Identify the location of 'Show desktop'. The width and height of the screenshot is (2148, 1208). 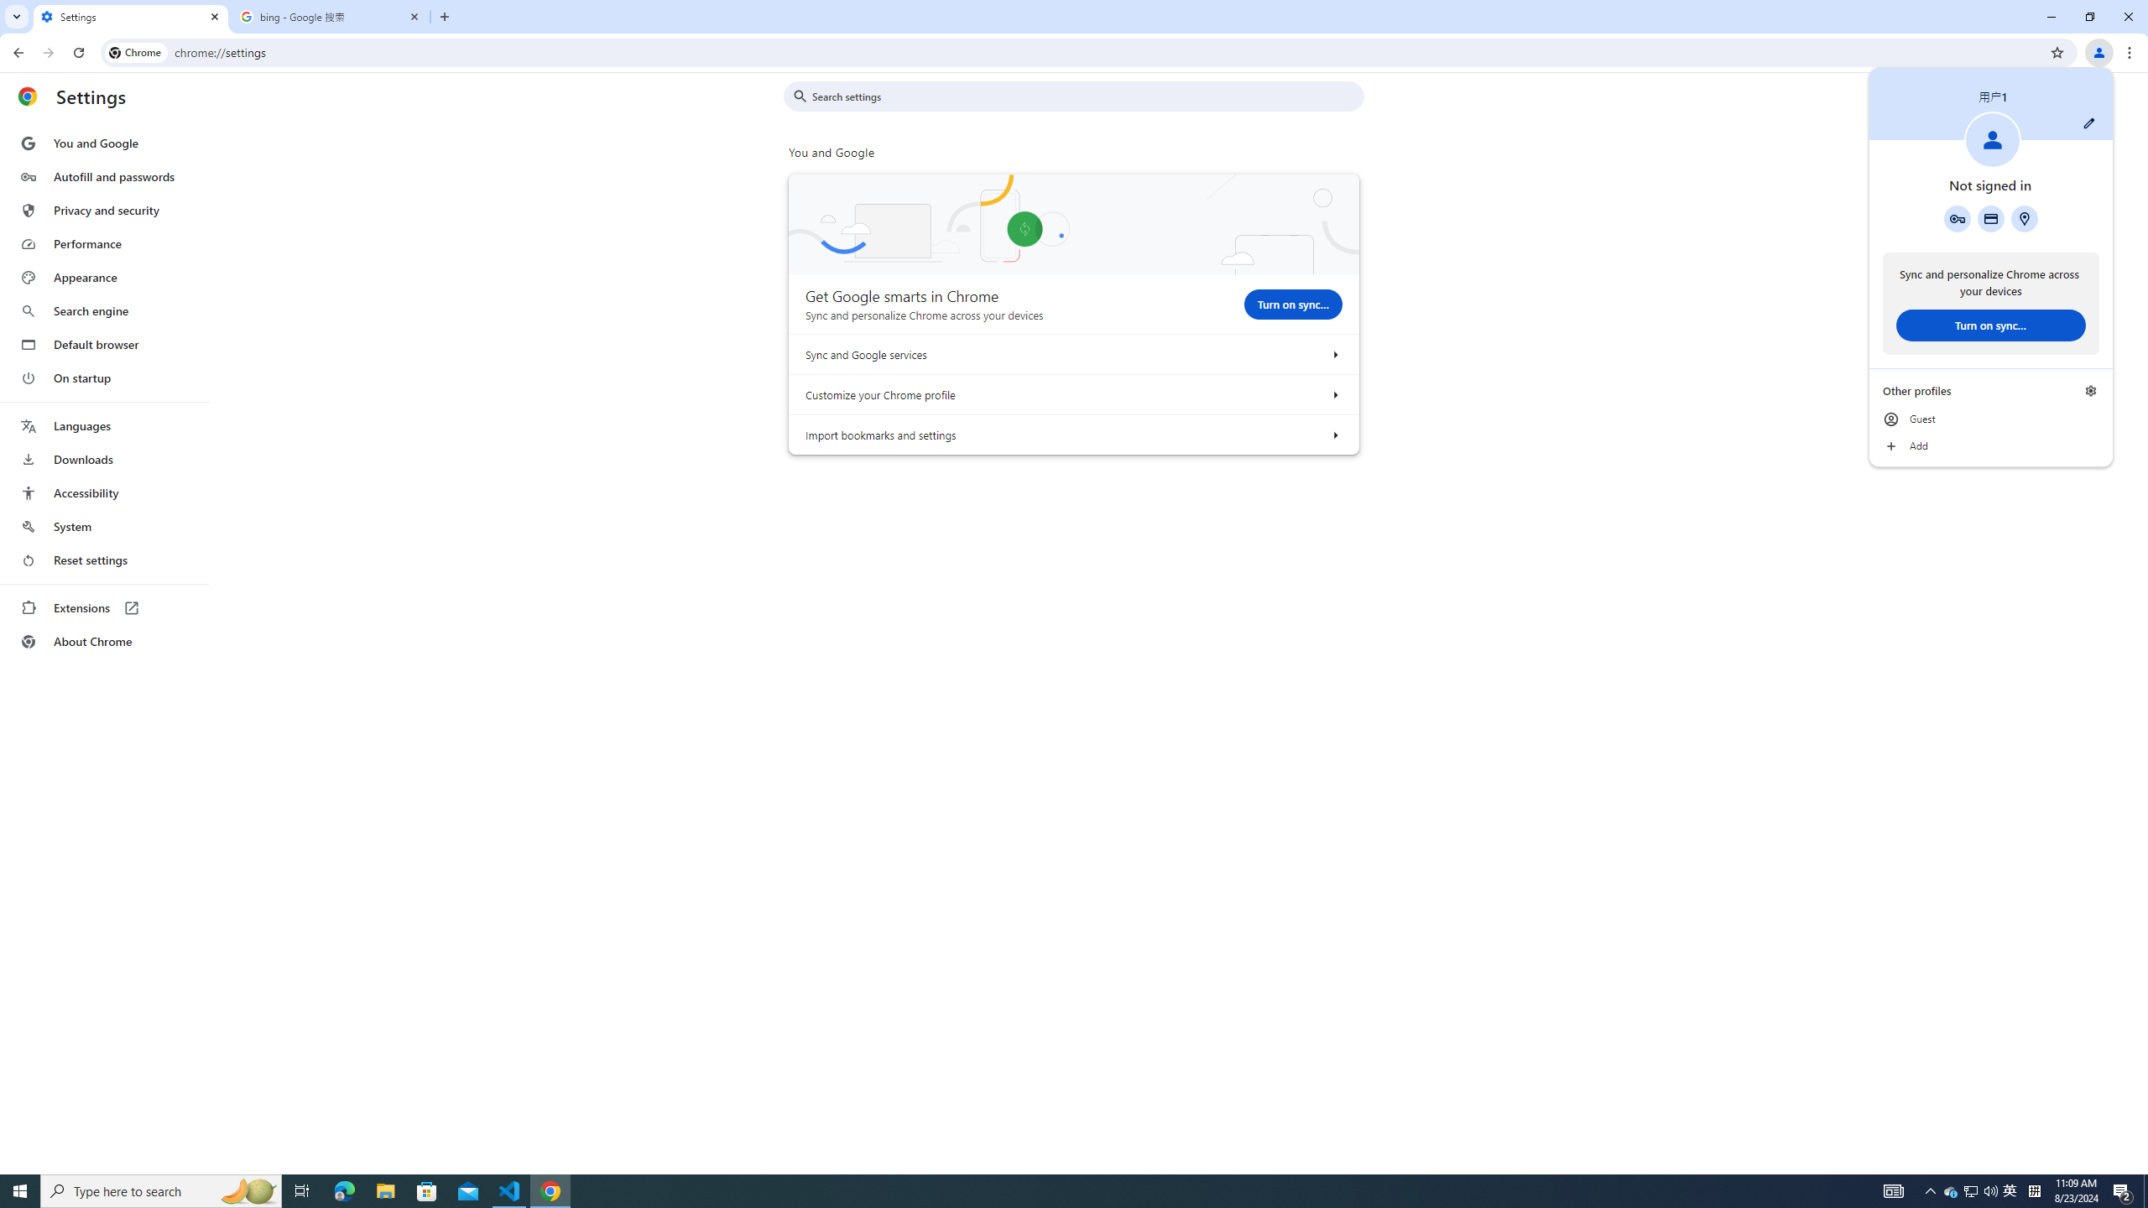
(2145, 1190).